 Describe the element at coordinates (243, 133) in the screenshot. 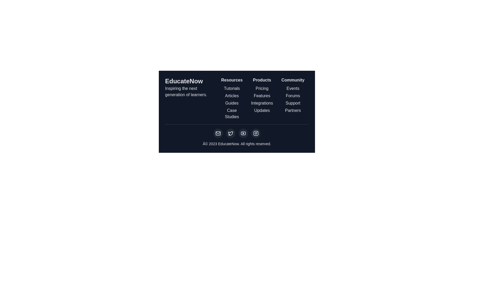

I see `the YouTube icon button, which is a rounded rectangular shape containing a play symbol` at that location.